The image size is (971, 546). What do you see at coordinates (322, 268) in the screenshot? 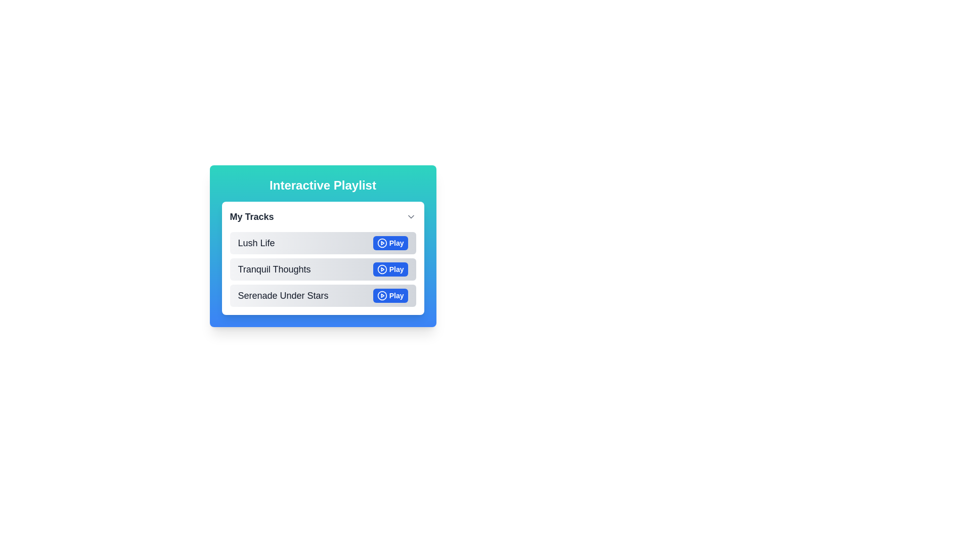
I see `the second track item titled 'Tranquil Thoughts' in the playlist by clicking on it` at bounding box center [322, 268].